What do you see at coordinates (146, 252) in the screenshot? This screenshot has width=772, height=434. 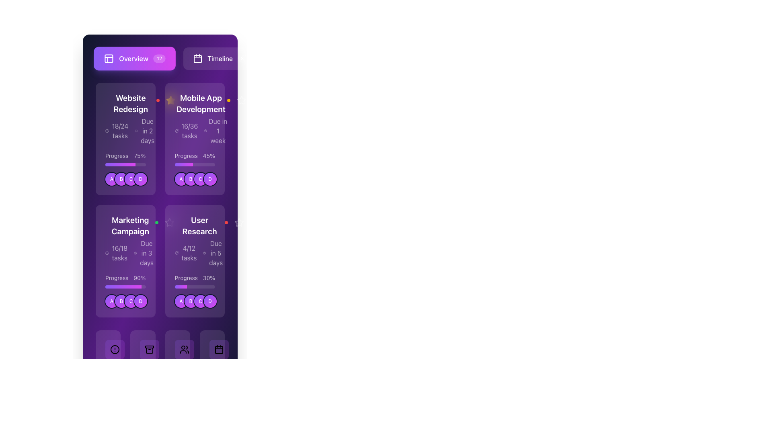 I see `the status indicator text element that informs the user about the task due in 3 days, located in the lower center of the 'Marketing Campaign' card, next to the clock icon` at bounding box center [146, 252].